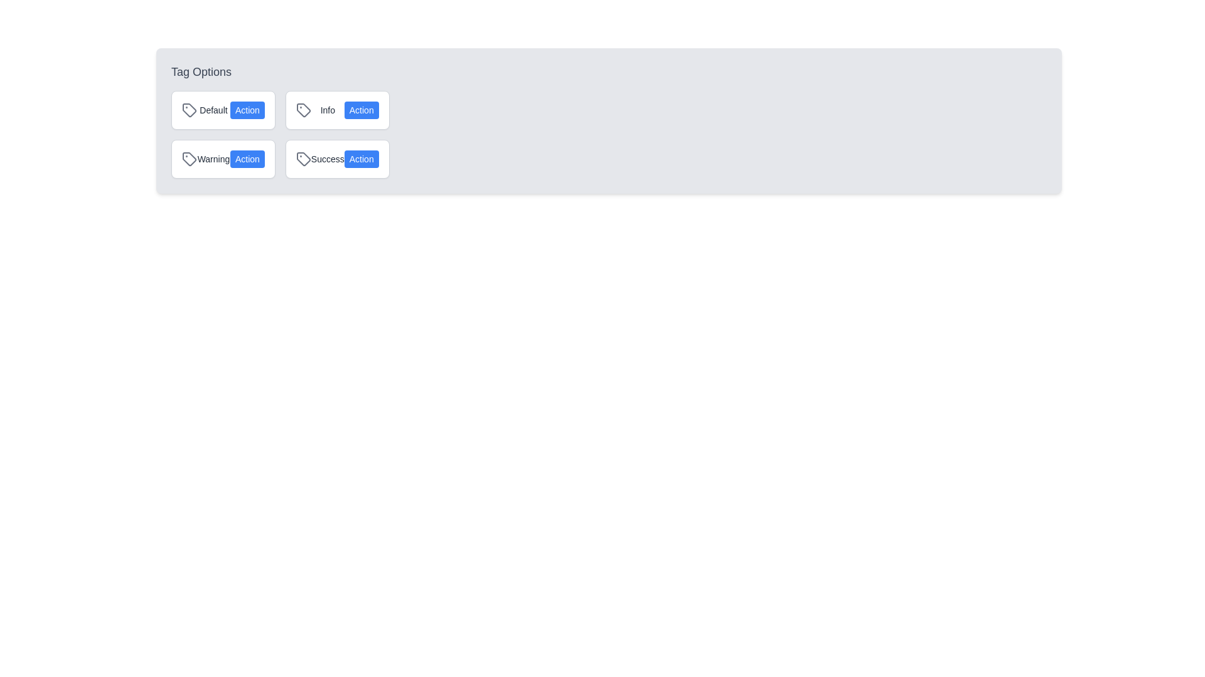 This screenshot has width=1205, height=677. What do you see at coordinates (189, 159) in the screenshot?
I see `the visual icon representing a tag located in the bottom-left corner of the third button in a 2x2 grid layout, which is grouped with the 'Warning' label and the 'Action' button` at bounding box center [189, 159].